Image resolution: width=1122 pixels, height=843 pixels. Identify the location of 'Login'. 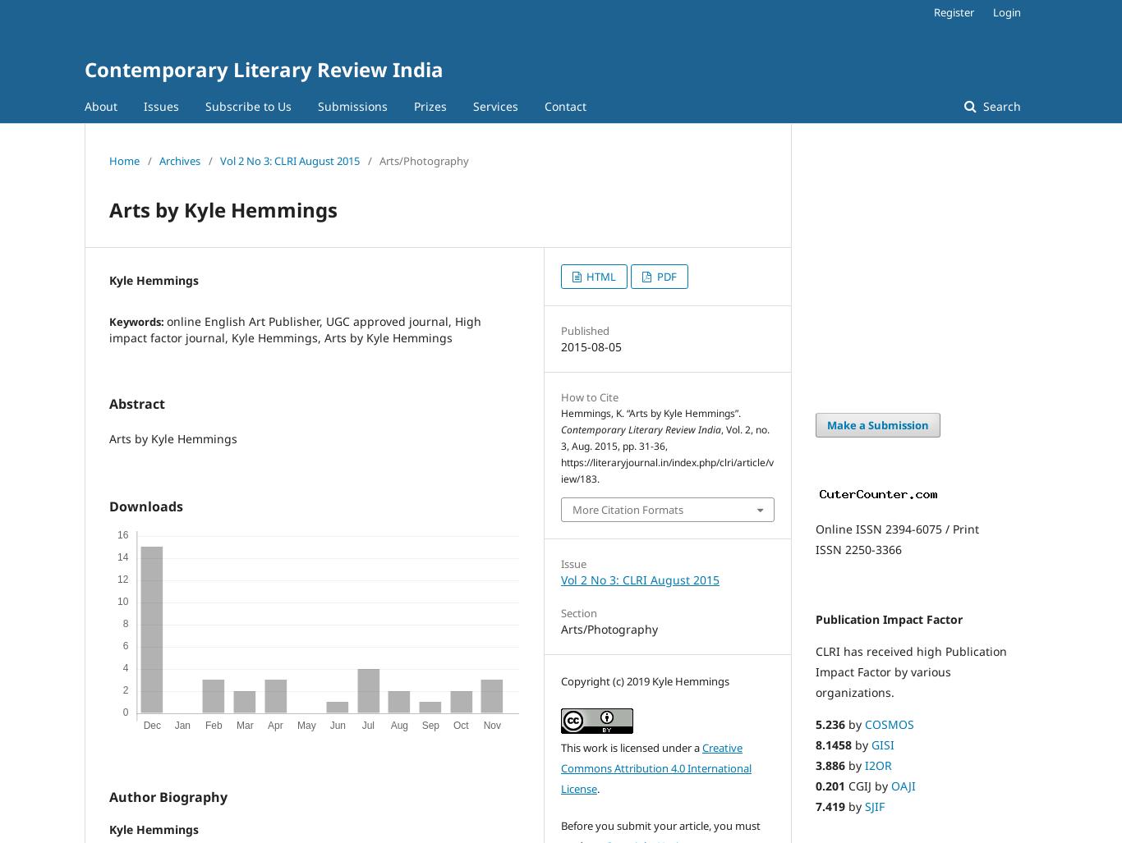
(1006, 11).